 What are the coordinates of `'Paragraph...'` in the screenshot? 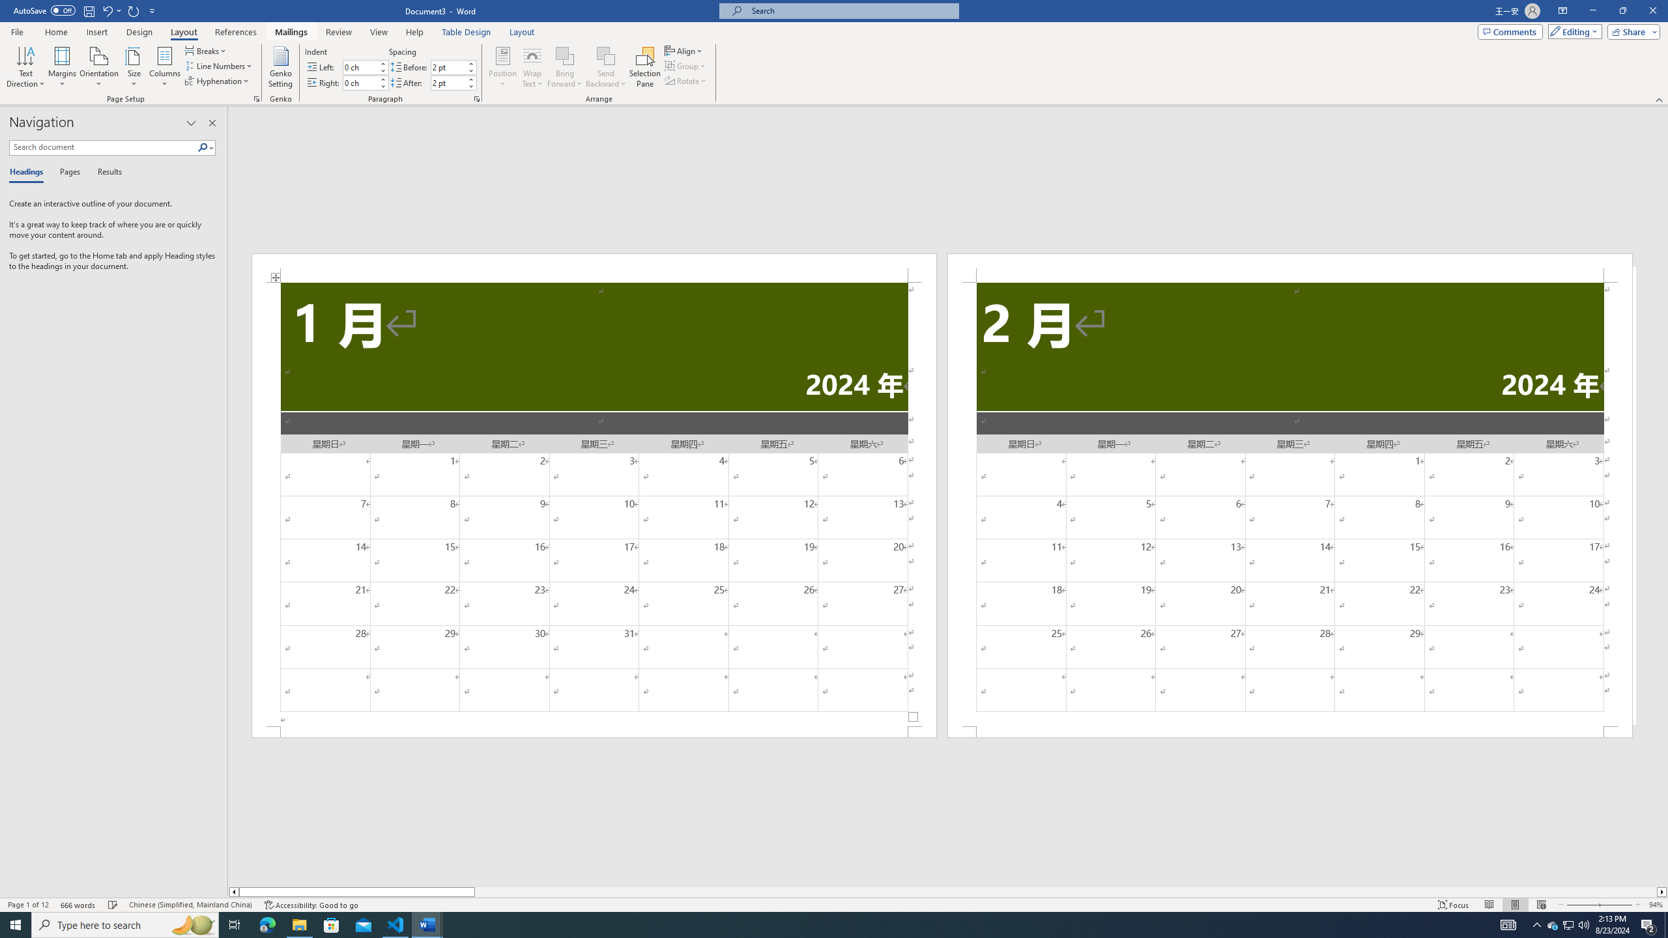 It's located at (476, 98).